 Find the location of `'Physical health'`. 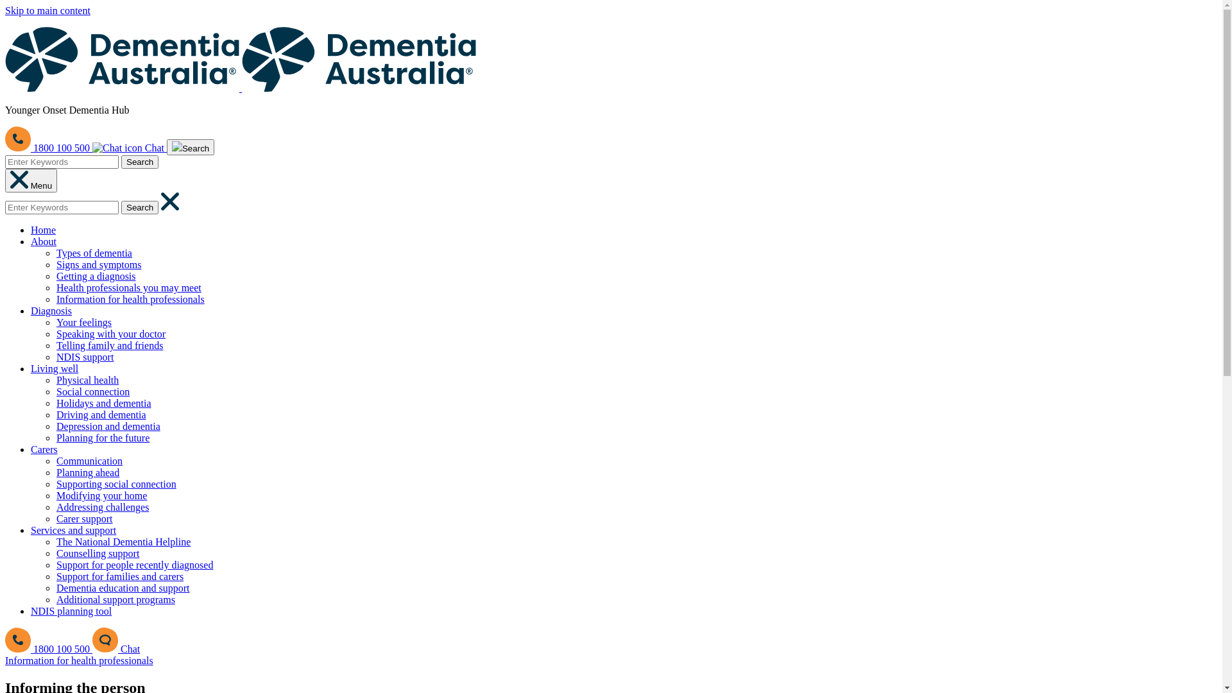

'Physical health' is located at coordinates (87, 379).